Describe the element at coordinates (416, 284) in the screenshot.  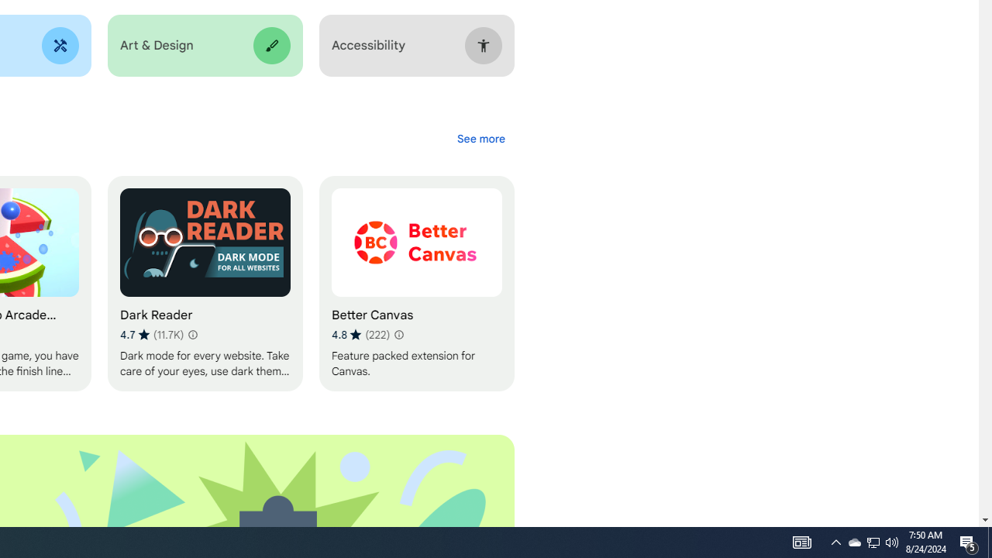
I see `'Better Canvas'` at that location.